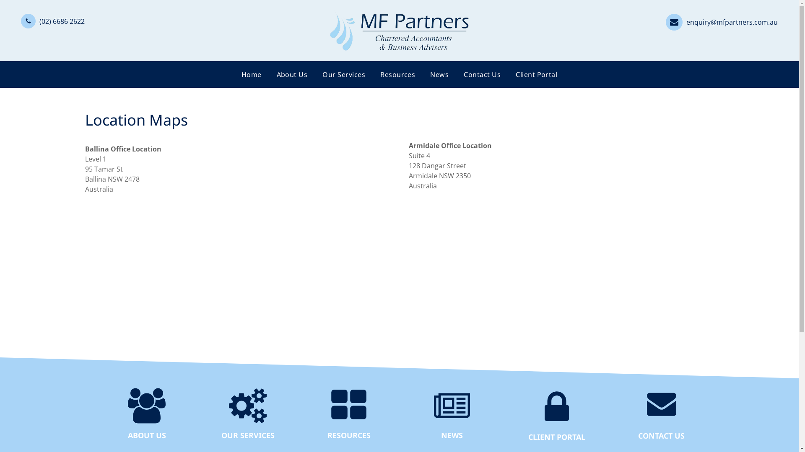 This screenshot has height=452, width=805. I want to click on 'NEWS', so click(451, 434).